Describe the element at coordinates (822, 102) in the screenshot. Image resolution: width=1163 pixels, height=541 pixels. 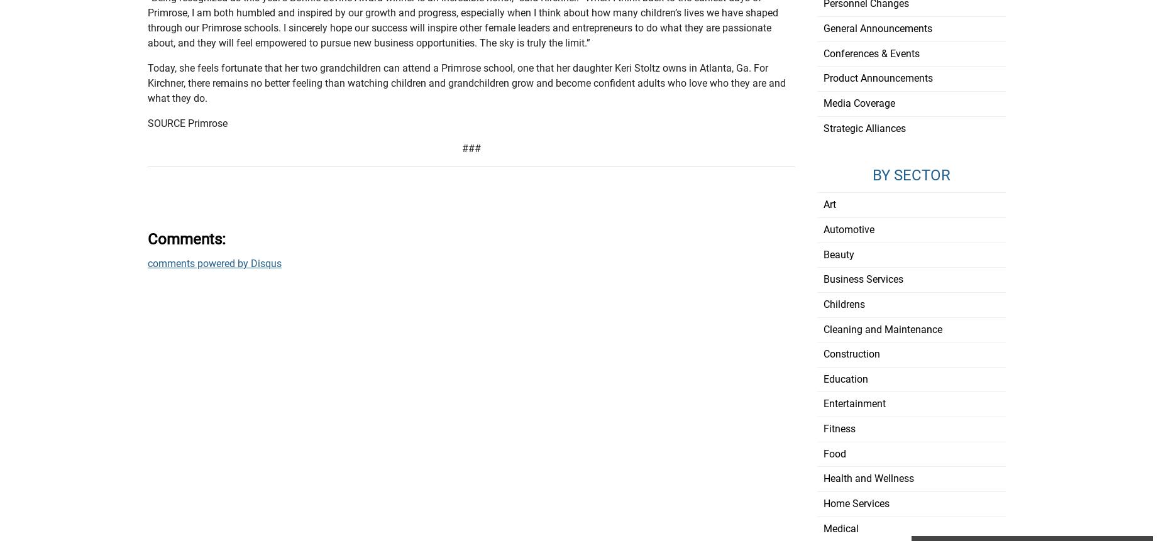
I see `'Media Coverage'` at that location.